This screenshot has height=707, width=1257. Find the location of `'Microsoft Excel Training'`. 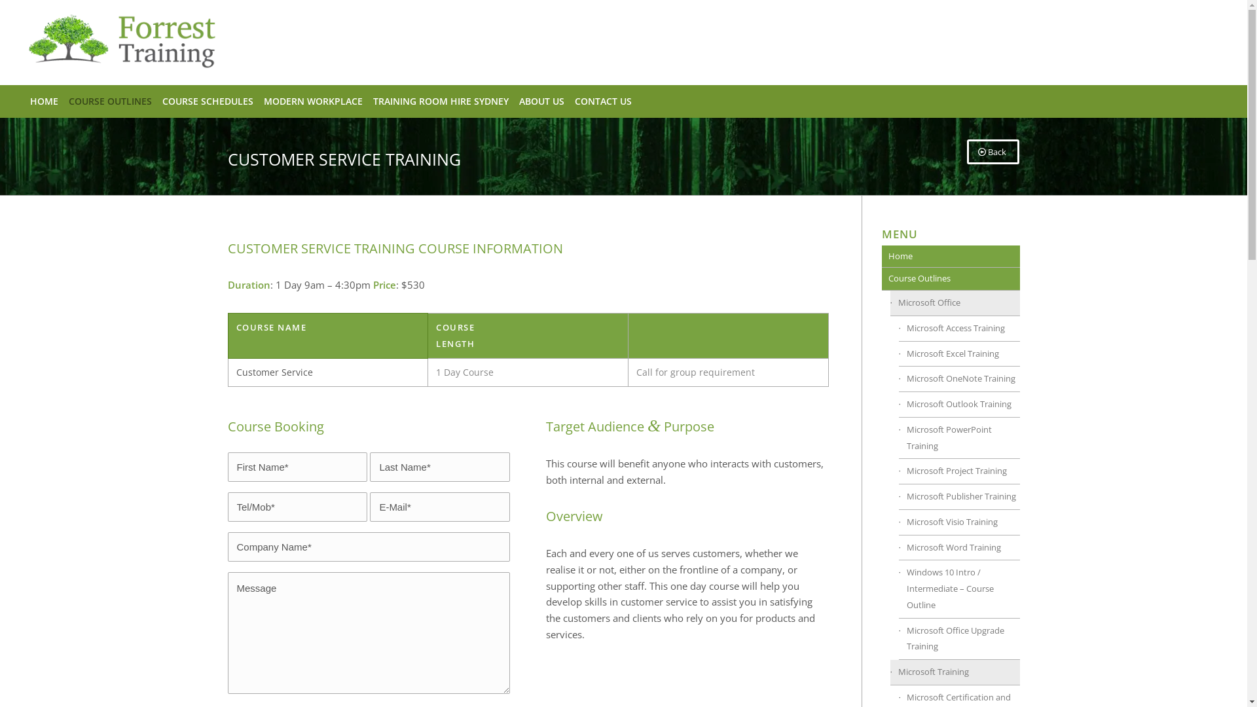

'Microsoft Excel Training' is located at coordinates (898, 354).